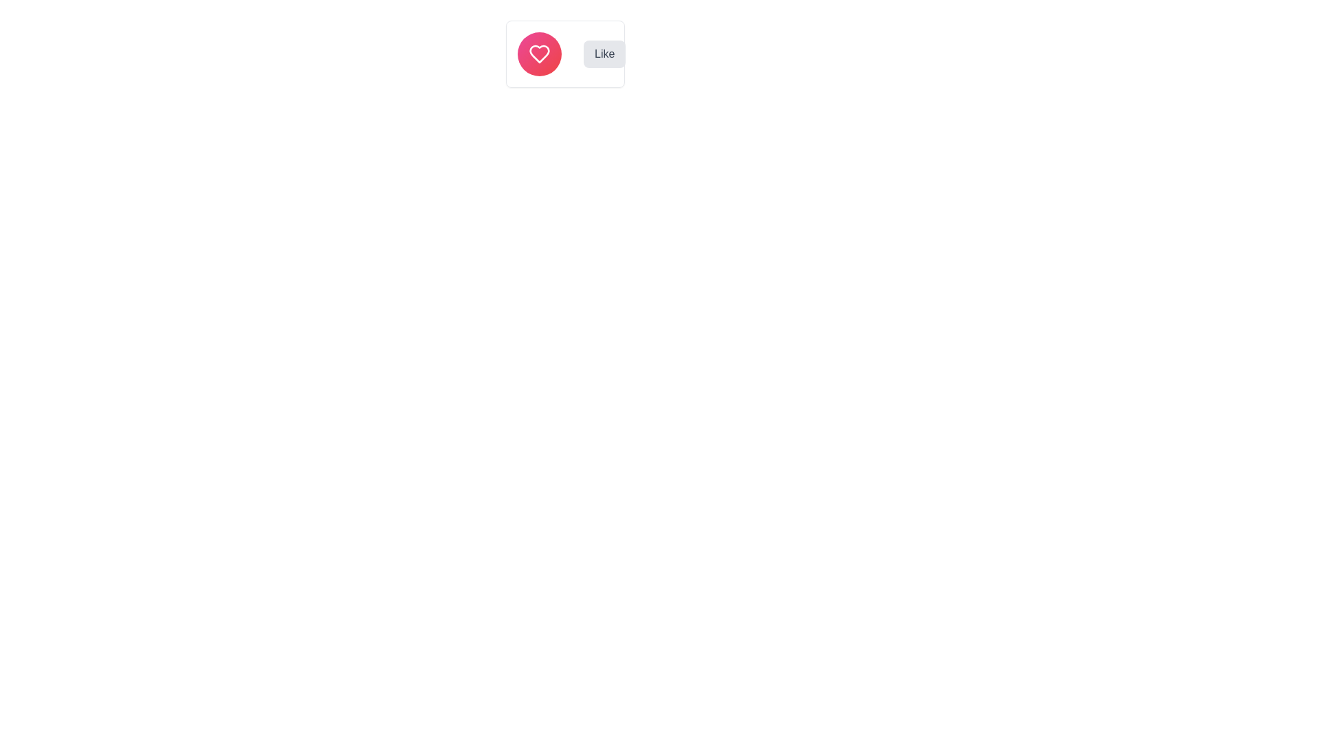 This screenshot has height=742, width=1320. What do you see at coordinates (539, 53) in the screenshot?
I see `the white thin-line heart icon centered within a pink-to-red circular gradient background to observe potential interaction effects` at bounding box center [539, 53].